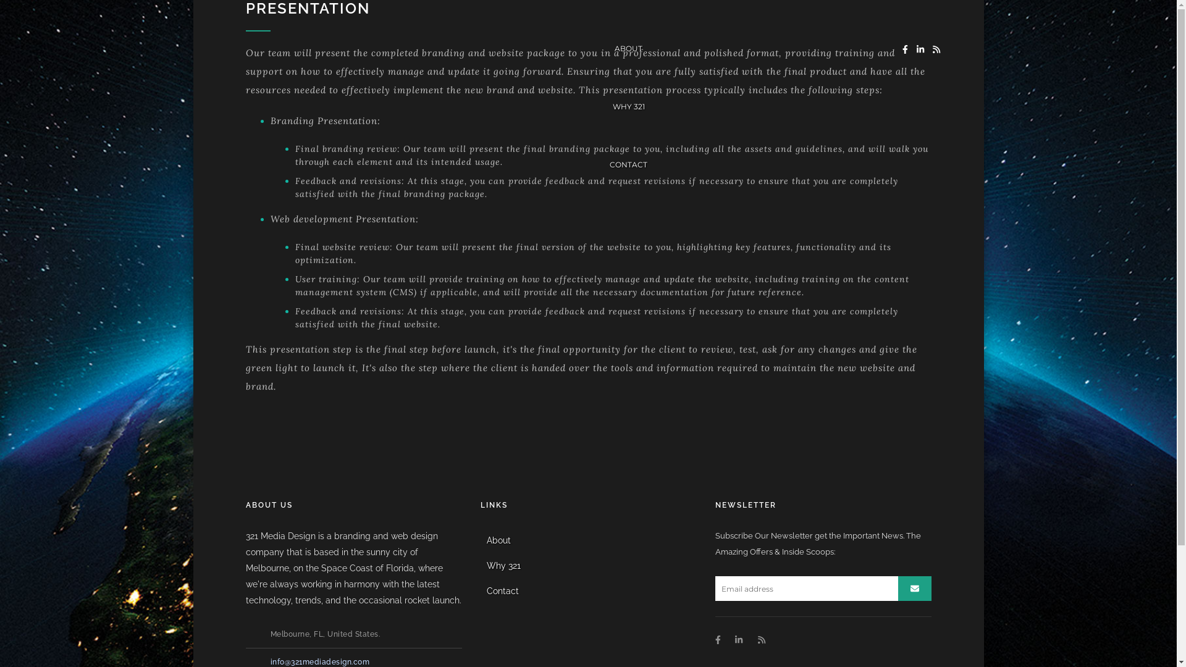 This screenshot has height=667, width=1186. I want to click on 'RSS', so click(936, 49).